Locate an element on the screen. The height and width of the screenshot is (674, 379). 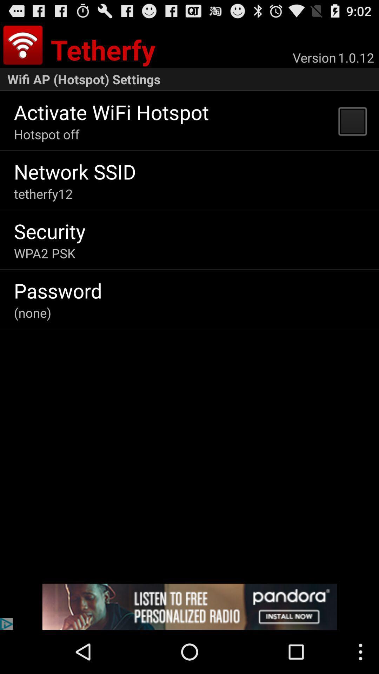
advertisement banner is located at coordinates (189, 606).